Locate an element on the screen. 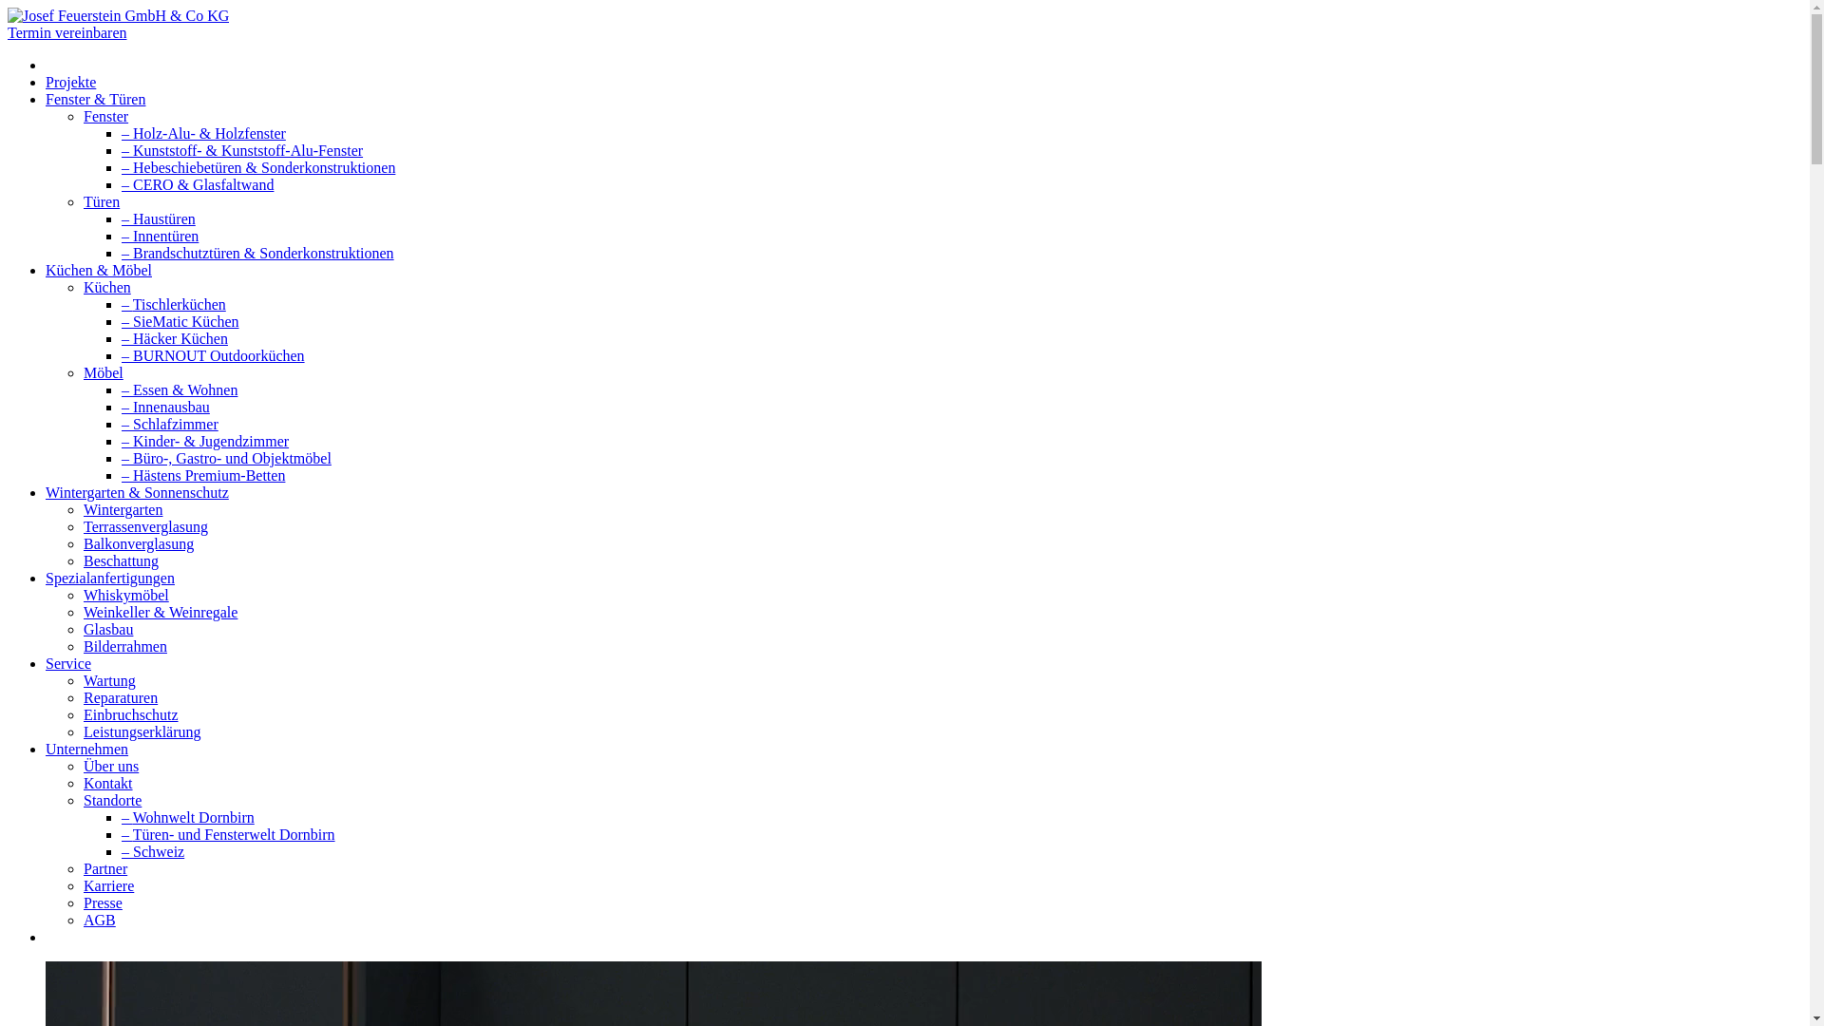 Image resolution: width=1824 pixels, height=1026 pixels. 'AGB' is located at coordinates (99, 919).